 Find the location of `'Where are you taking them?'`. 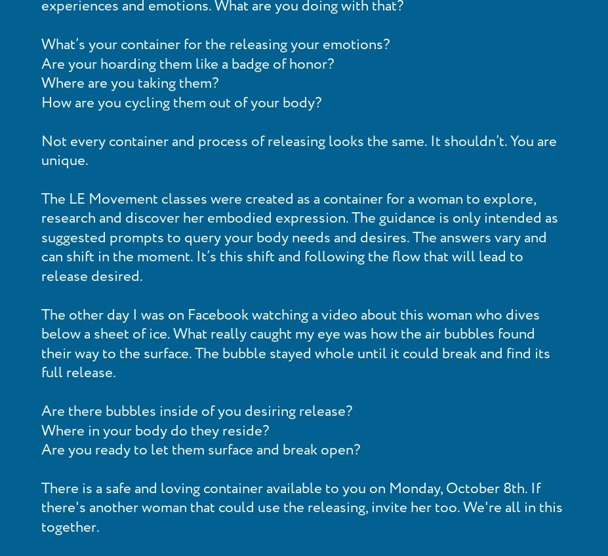

'Where are you taking them?' is located at coordinates (129, 83).